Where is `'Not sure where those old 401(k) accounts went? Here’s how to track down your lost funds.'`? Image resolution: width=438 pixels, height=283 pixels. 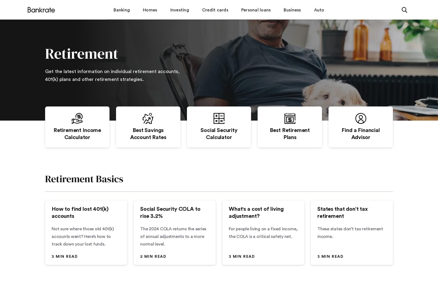 'Not sure where those old 401(k) accounts went? Here’s how to track down your lost funds.' is located at coordinates (83, 236).